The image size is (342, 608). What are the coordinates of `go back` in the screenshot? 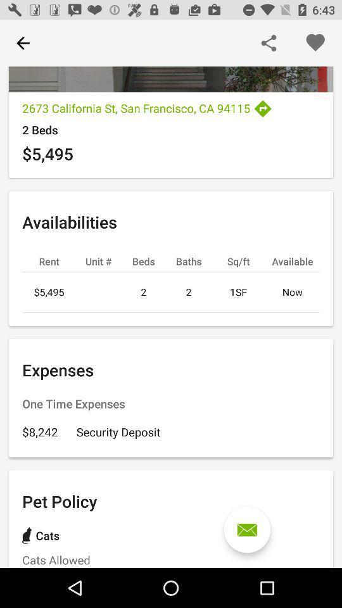 It's located at (23, 43).